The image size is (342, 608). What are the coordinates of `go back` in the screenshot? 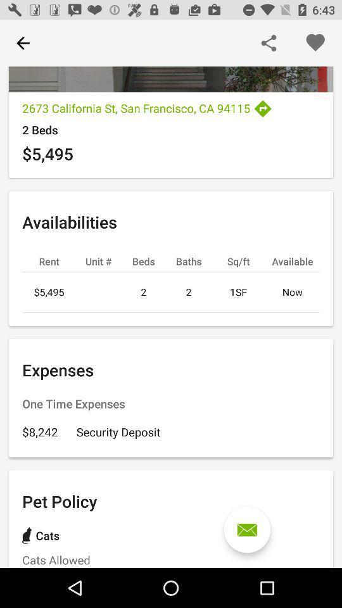 It's located at (23, 43).